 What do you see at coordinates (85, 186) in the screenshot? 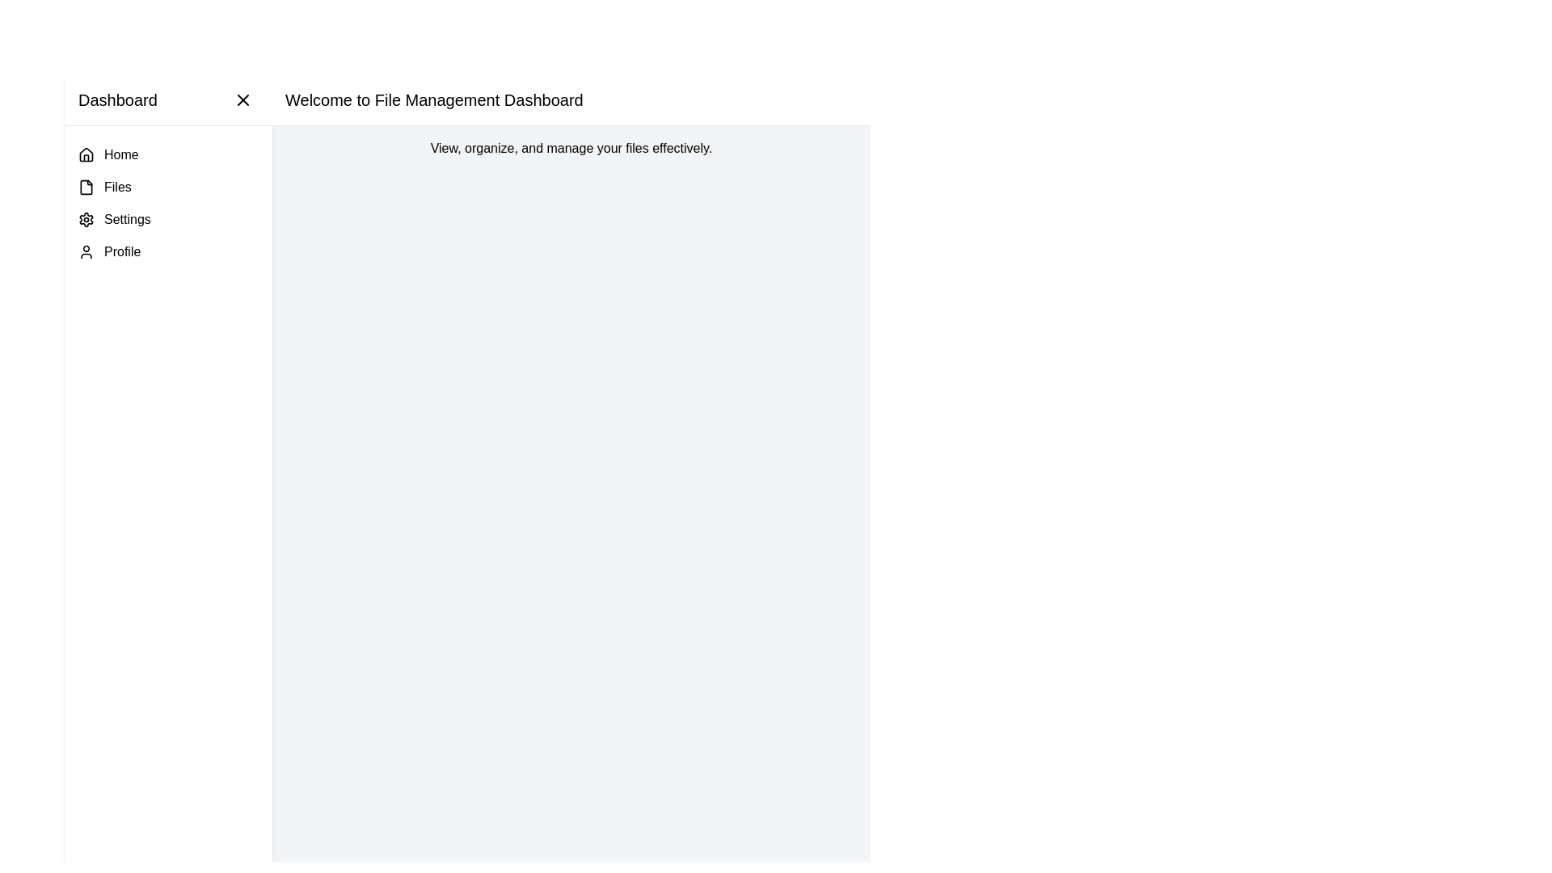
I see `the document outline icon in the 'Files' menu item located on the left sidebar, positioned below the 'Home' item and above the 'Settings' item` at bounding box center [85, 186].